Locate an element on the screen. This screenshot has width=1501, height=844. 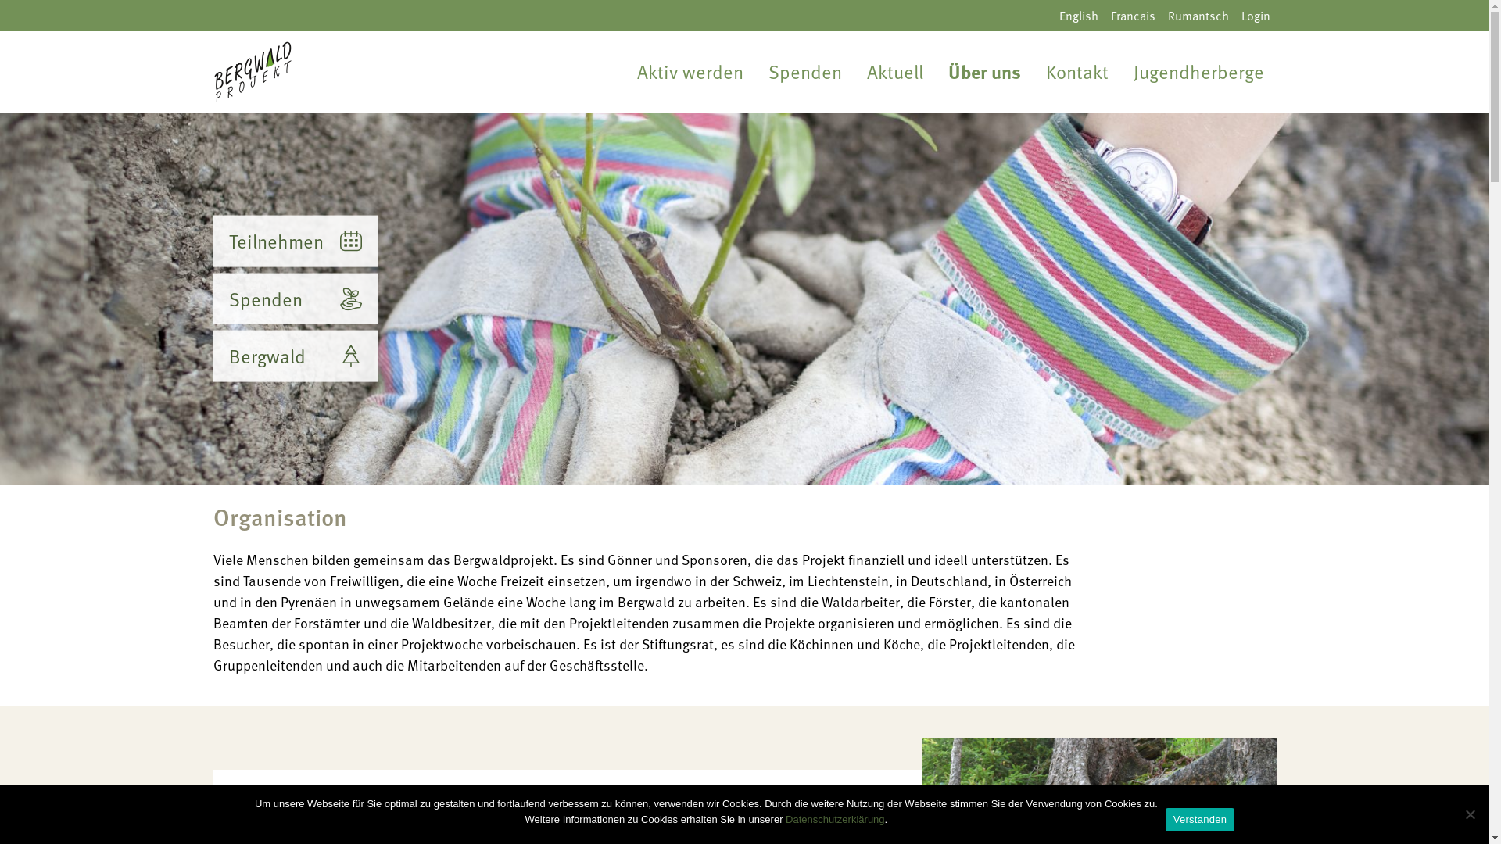
'Jugendherberge' is located at coordinates (1198, 72).